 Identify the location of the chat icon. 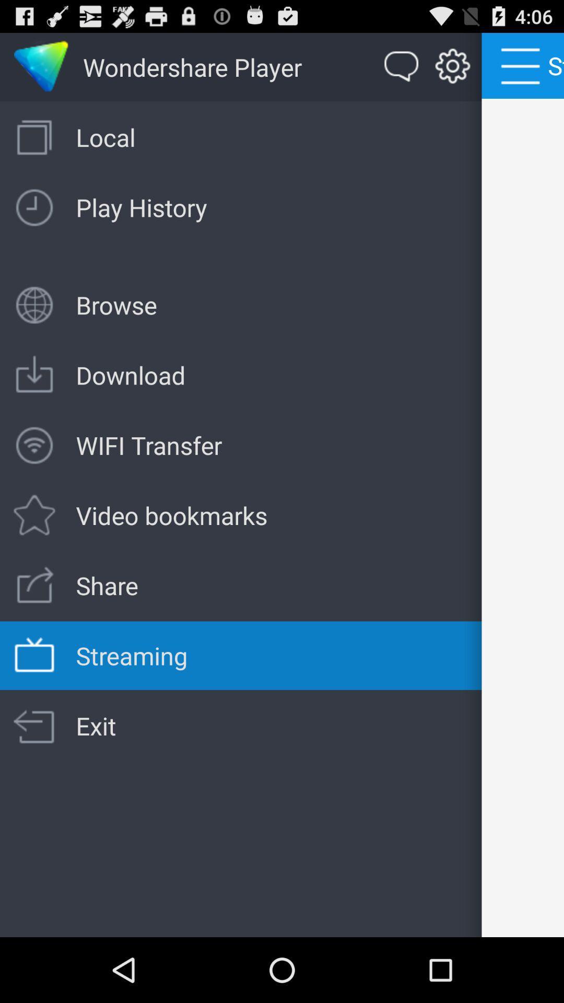
(401, 71).